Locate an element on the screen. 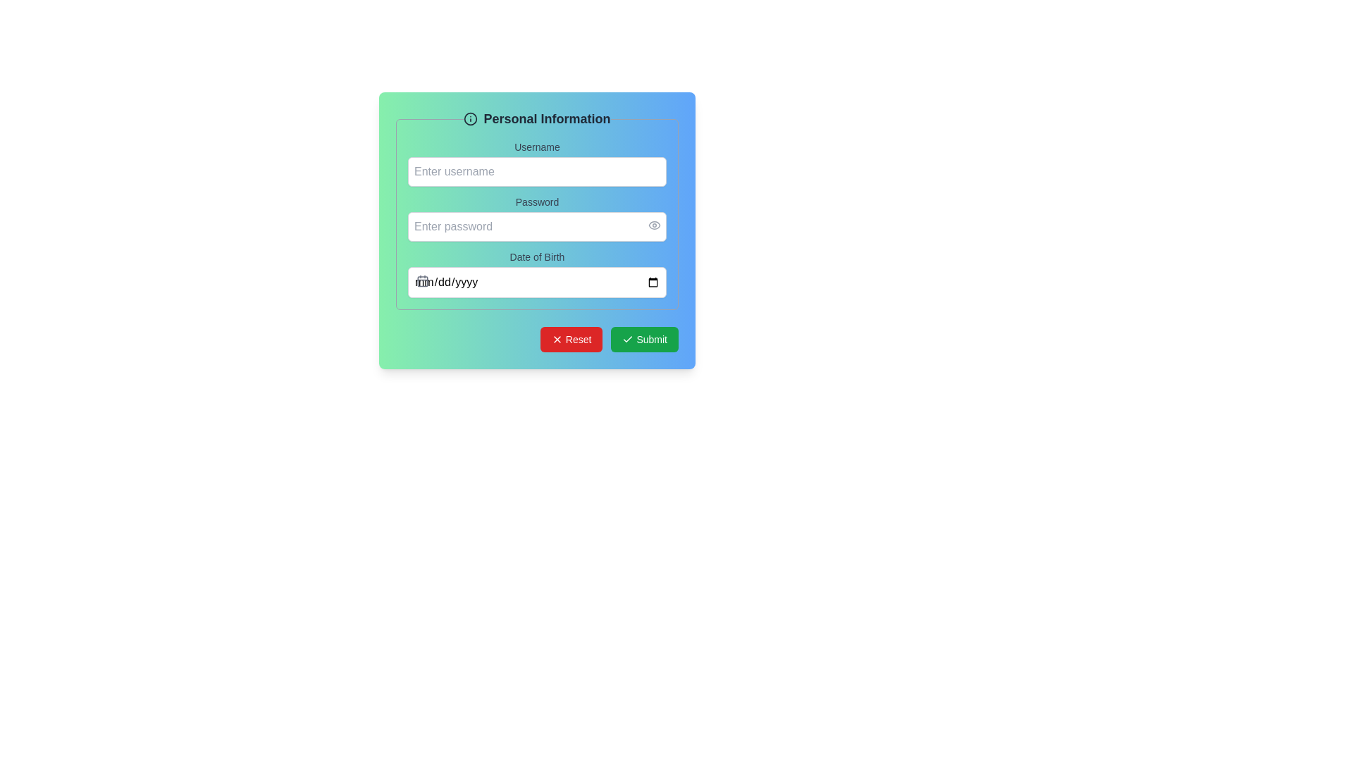 This screenshot has width=1353, height=761. the 'Password' text label, which is styled in gray and positioned above the password input field in the form interface is located at coordinates (536, 202).